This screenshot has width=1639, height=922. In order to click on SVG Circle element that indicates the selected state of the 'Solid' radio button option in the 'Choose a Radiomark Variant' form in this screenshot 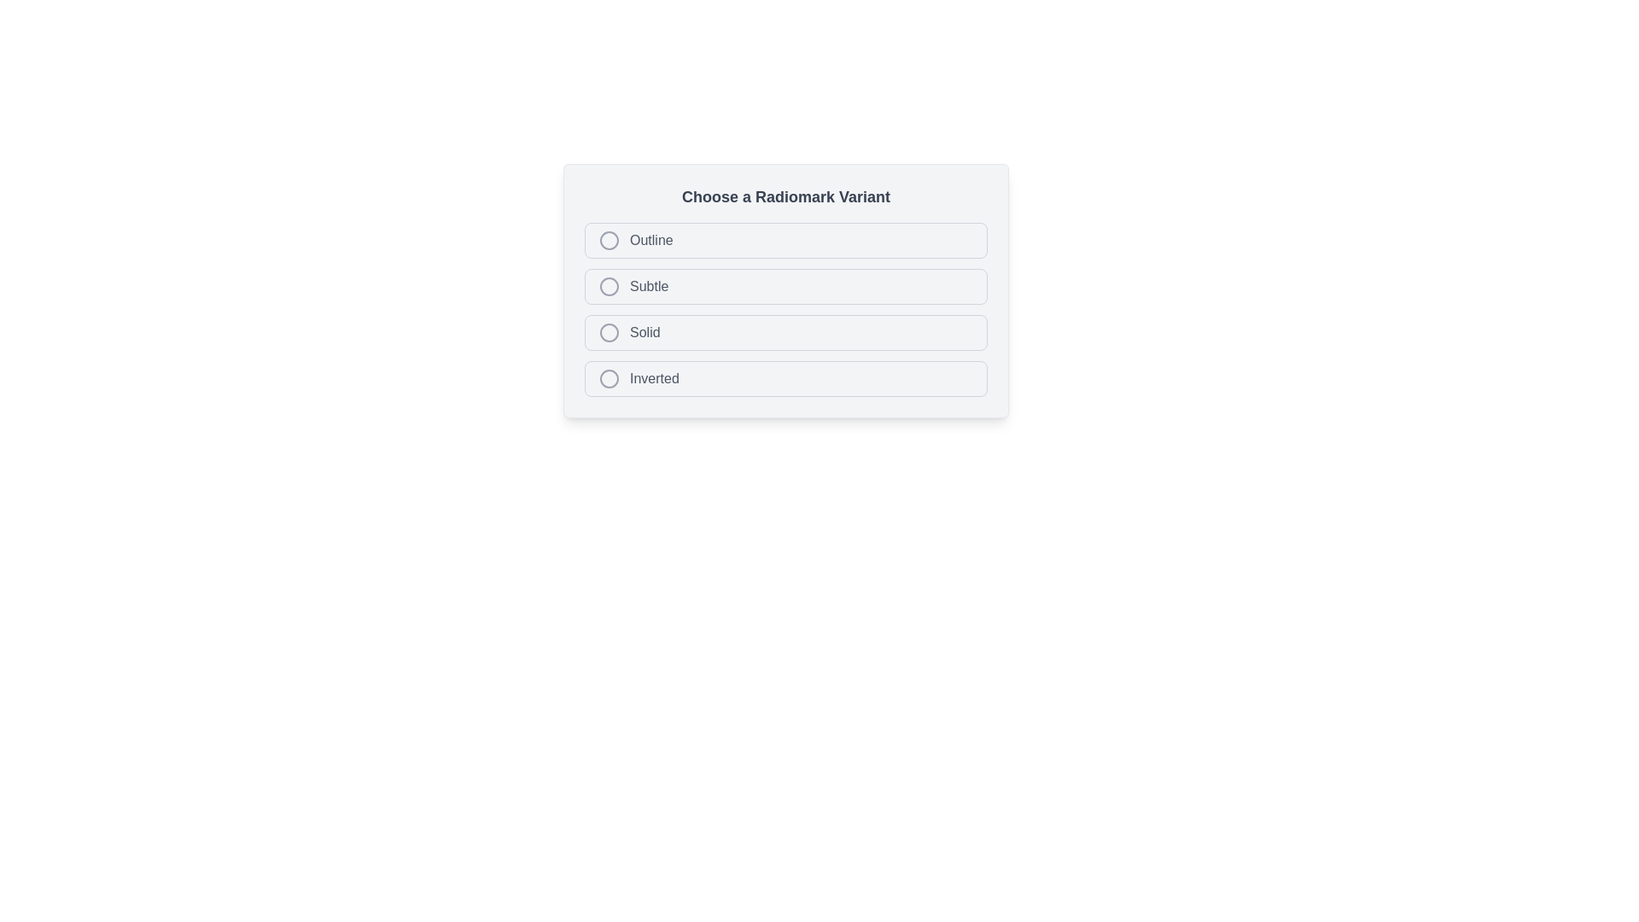, I will do `click(610, 332)`.